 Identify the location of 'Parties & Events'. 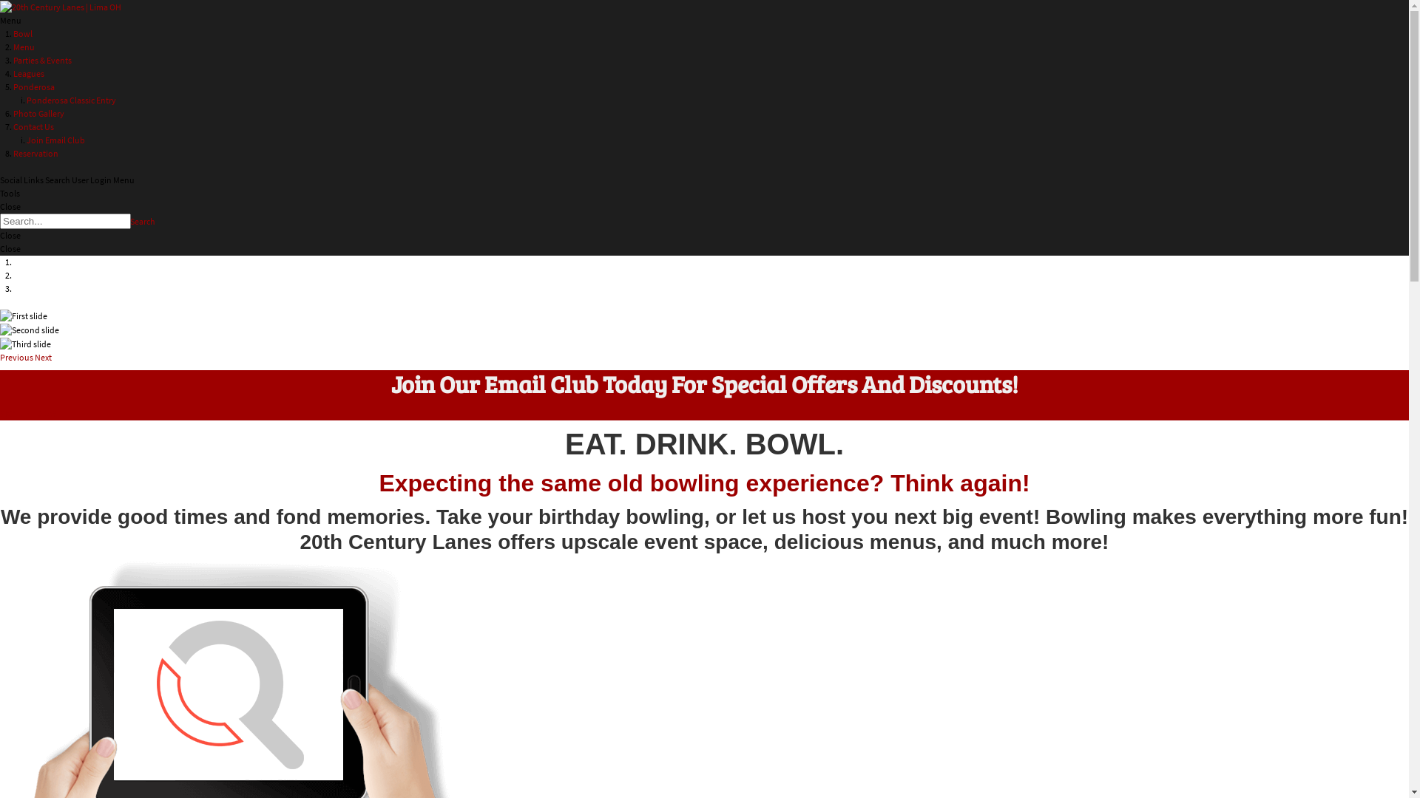
(13, 59).